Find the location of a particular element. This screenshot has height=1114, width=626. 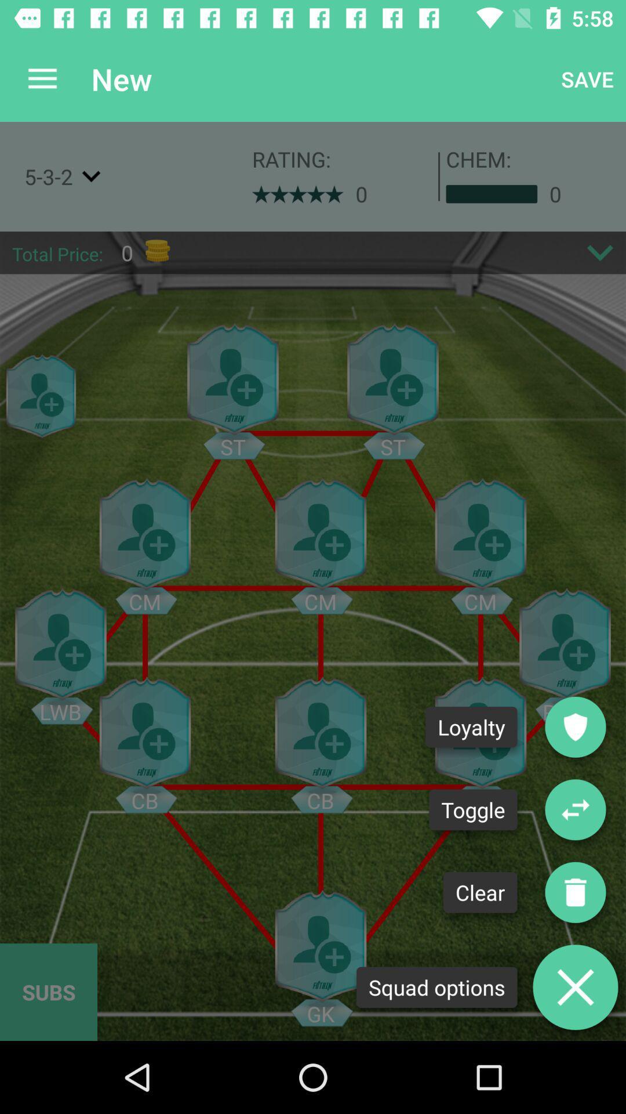

out of options is located at coordinates (575, 986).